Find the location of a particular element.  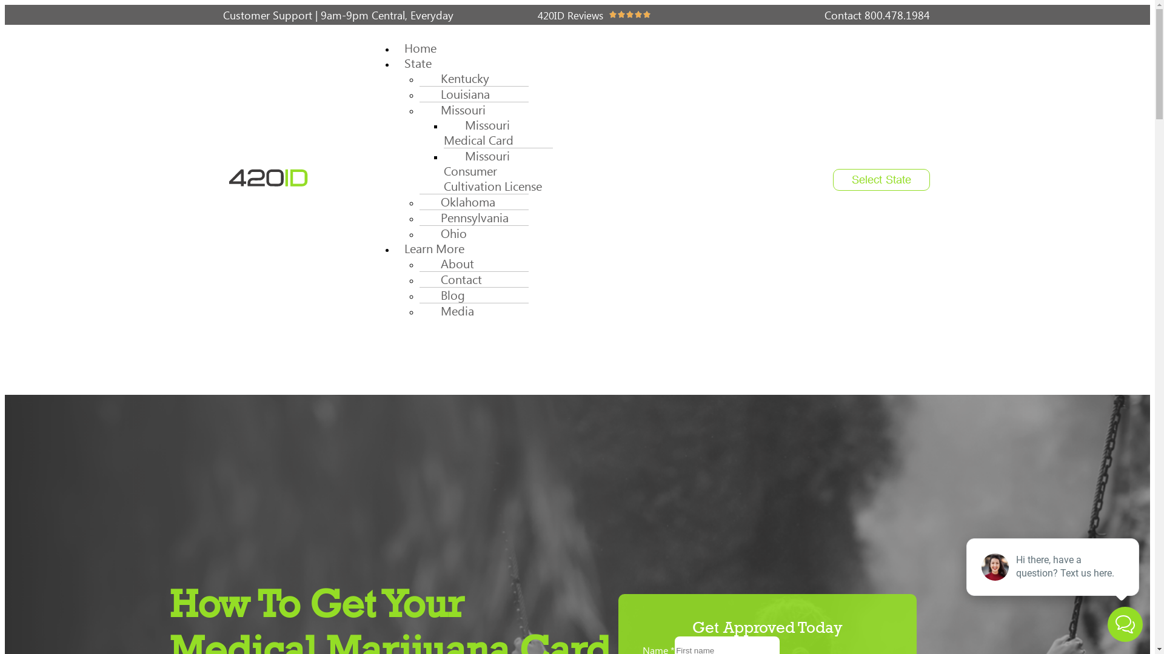

'Missouri Consumer Cultivation License' is located at coordinates (497, 171).